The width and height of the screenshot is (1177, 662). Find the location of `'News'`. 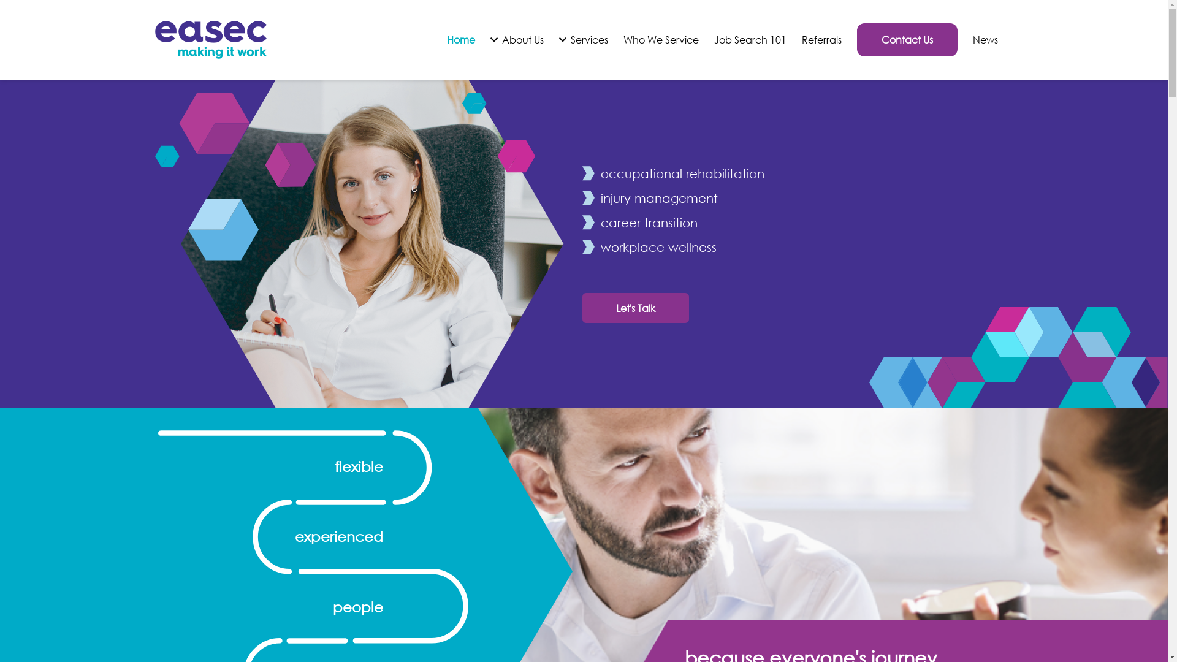

'News' is located at coordinates (985, 39).